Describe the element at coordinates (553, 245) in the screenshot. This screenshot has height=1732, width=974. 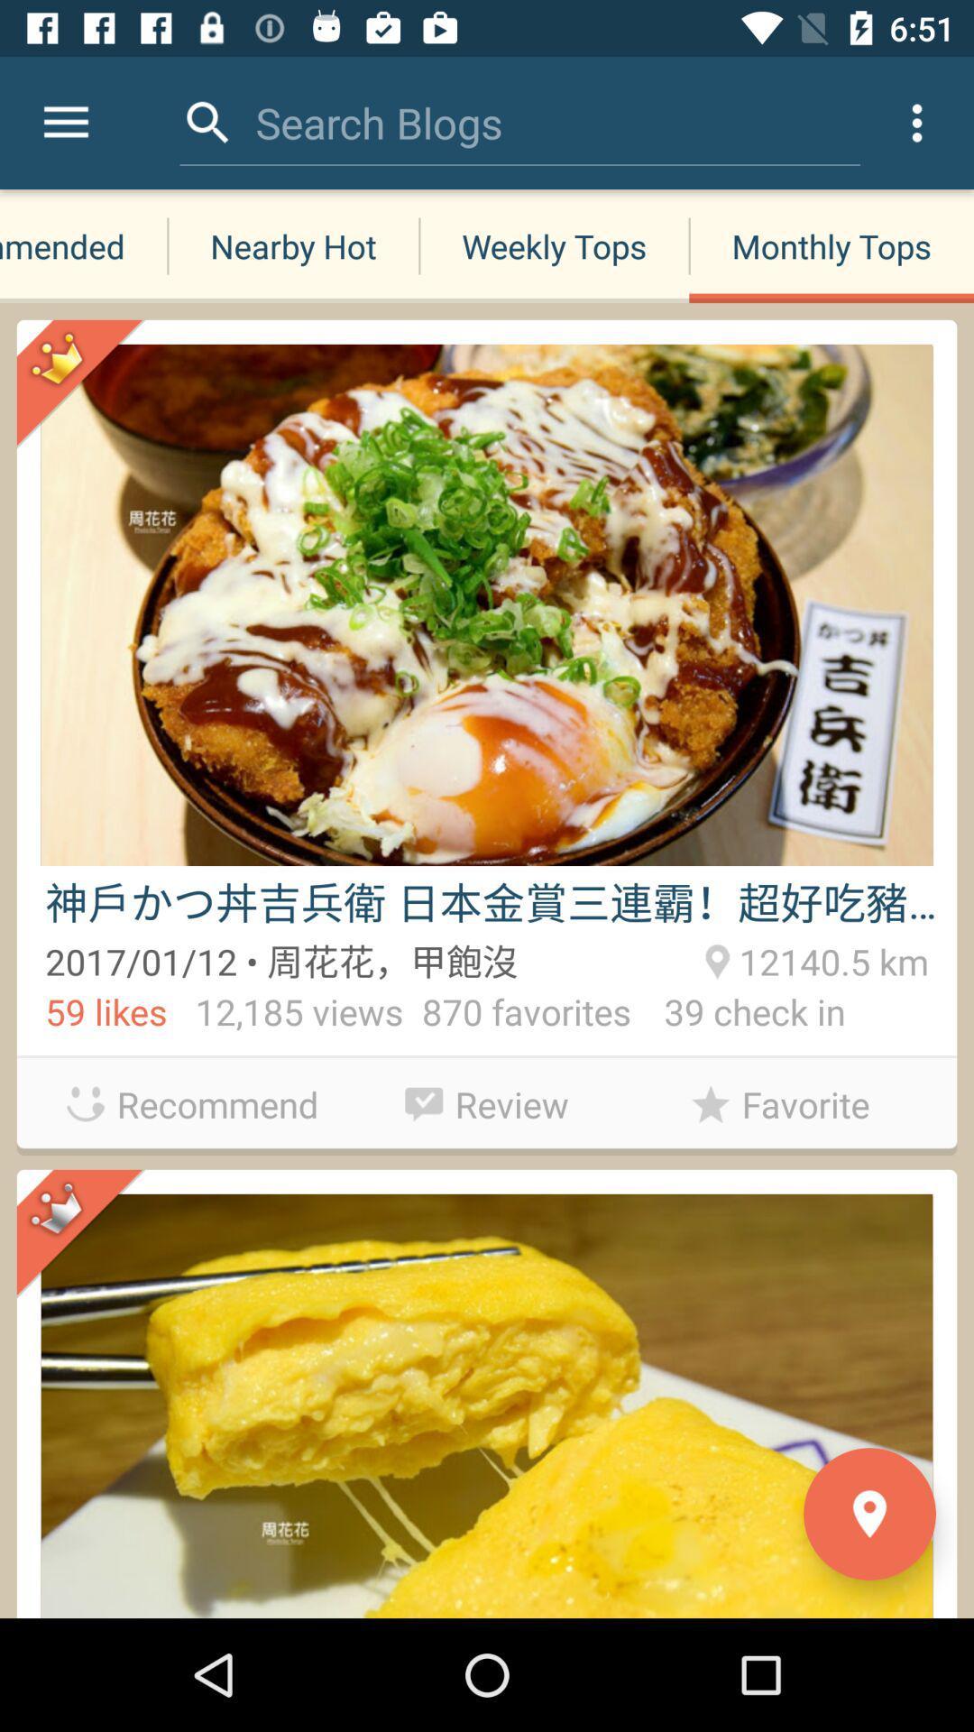
I see `item next to the monthly tops` at that location.